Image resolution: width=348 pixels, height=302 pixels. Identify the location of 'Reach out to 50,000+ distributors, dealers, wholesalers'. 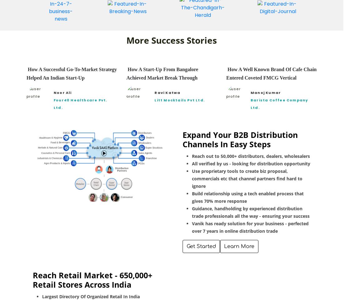
(251, 156).